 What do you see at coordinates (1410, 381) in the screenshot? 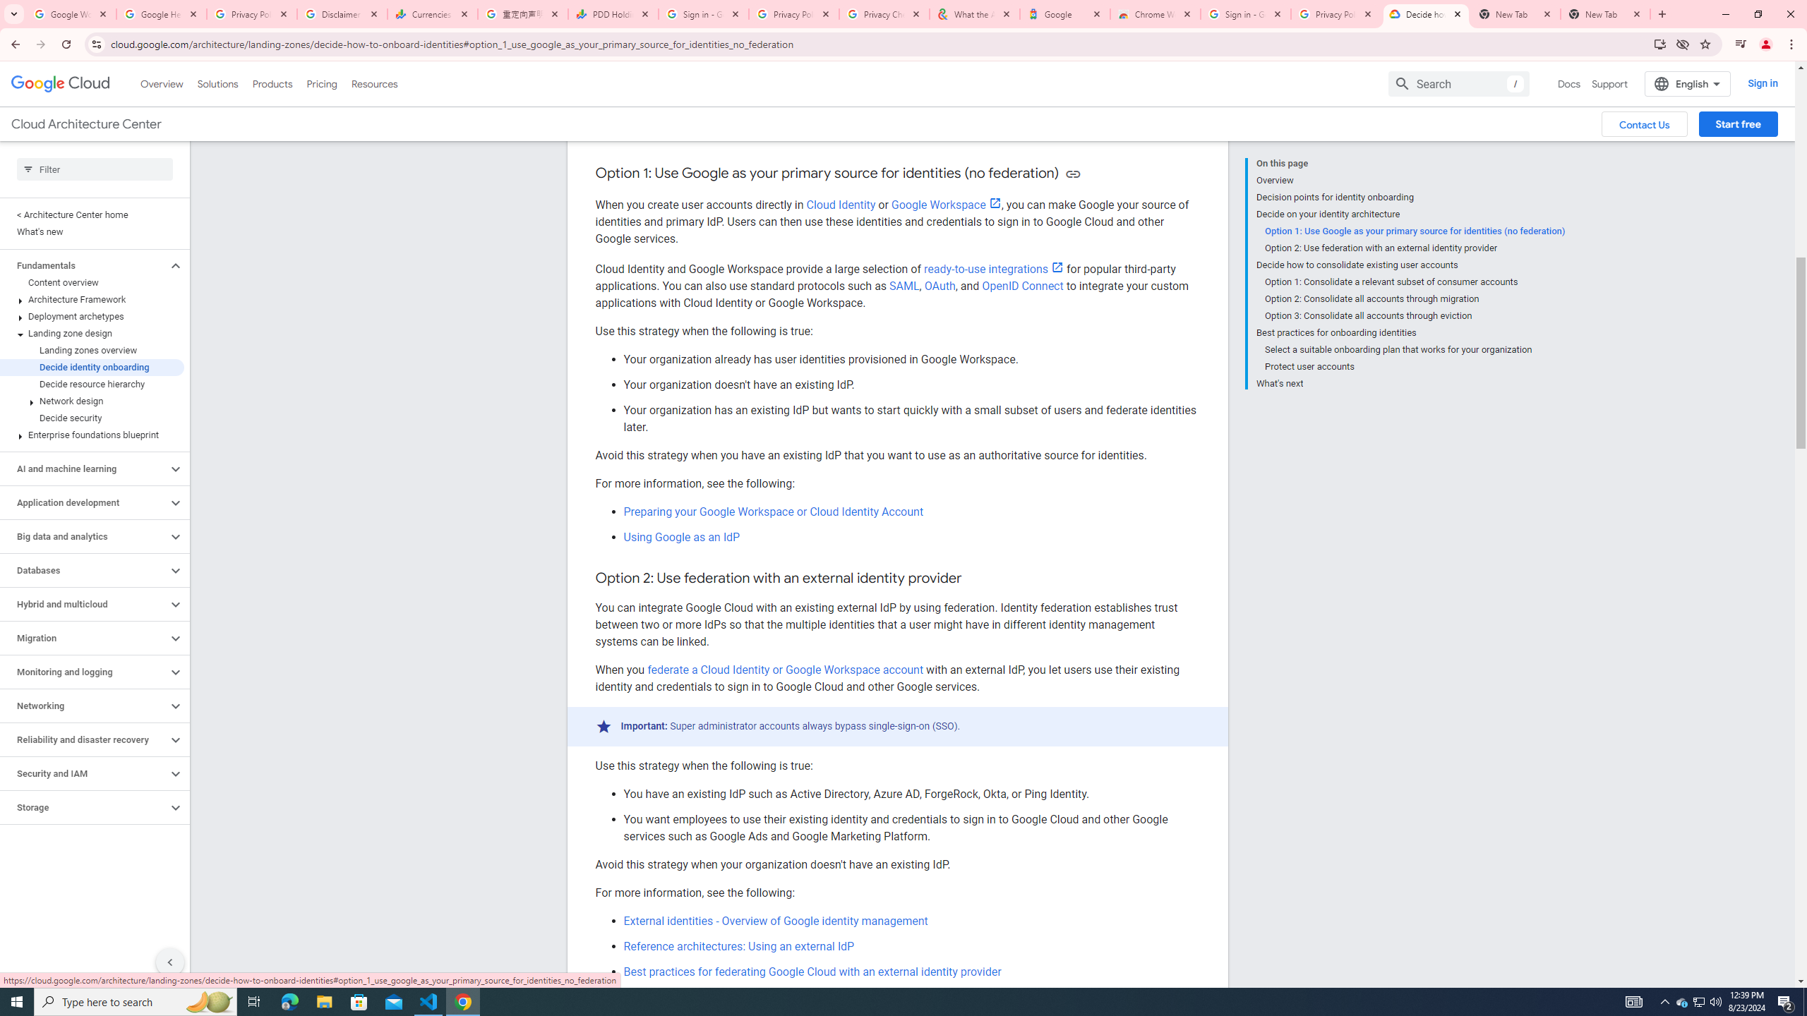
I see `'What'` at bounding box center [1410, 381].